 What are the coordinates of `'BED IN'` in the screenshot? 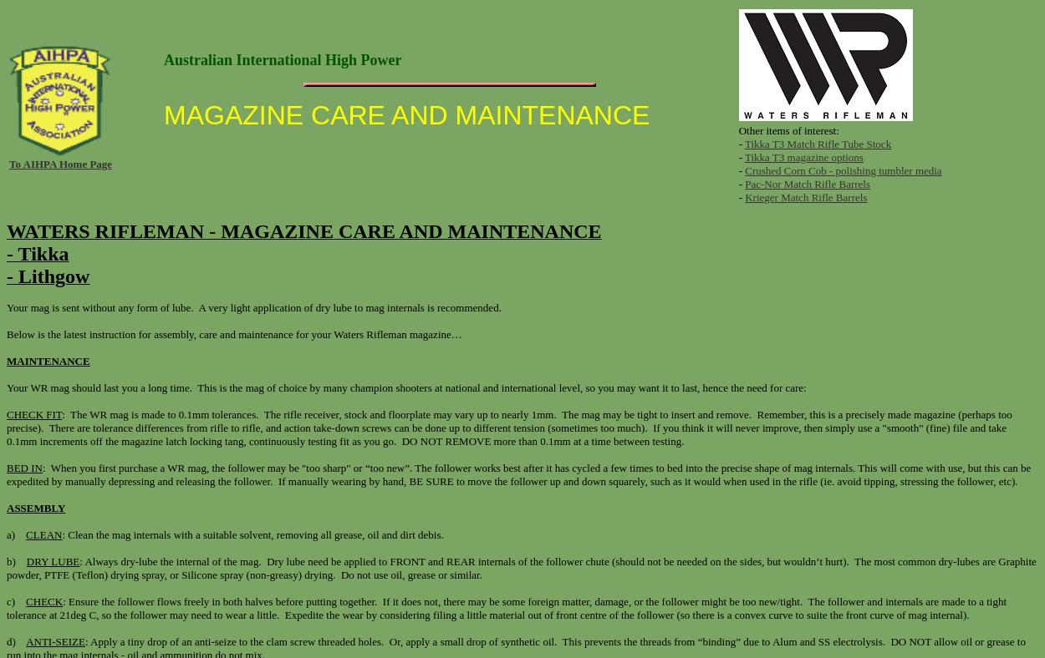 It's located at (23, 468).